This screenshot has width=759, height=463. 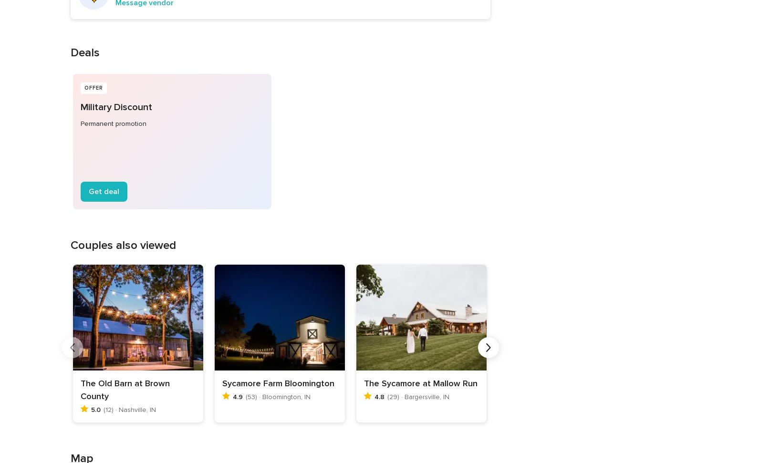 I want to click on 'Deals', so click(x=84, y=52).